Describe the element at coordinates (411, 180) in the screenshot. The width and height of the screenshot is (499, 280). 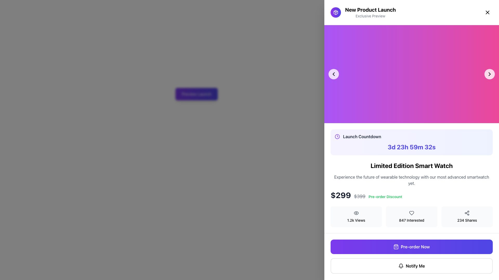
I see `the Text Content element that displays the message 'Experience the future of wearable technology with our most advanced smartwatch yet.' It is centrally aligned under the 'Limited Edition Smart Watch' heading` at that location.